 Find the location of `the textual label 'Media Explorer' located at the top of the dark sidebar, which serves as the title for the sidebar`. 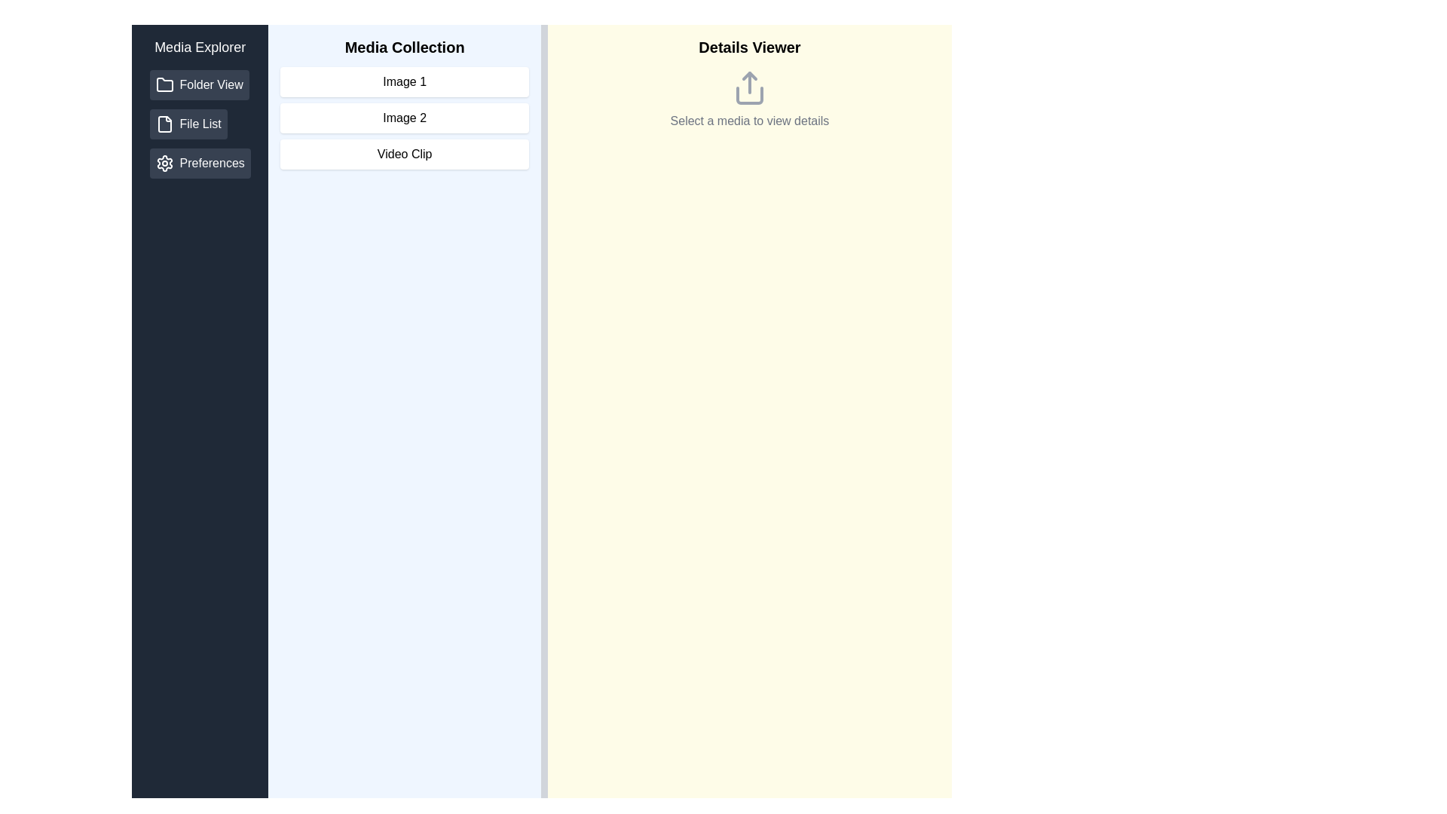

the textual label 'Media Explorer' located at the top of the dark sidebar, which serves as the title for the sidebar is located at coordinates (199, 46).